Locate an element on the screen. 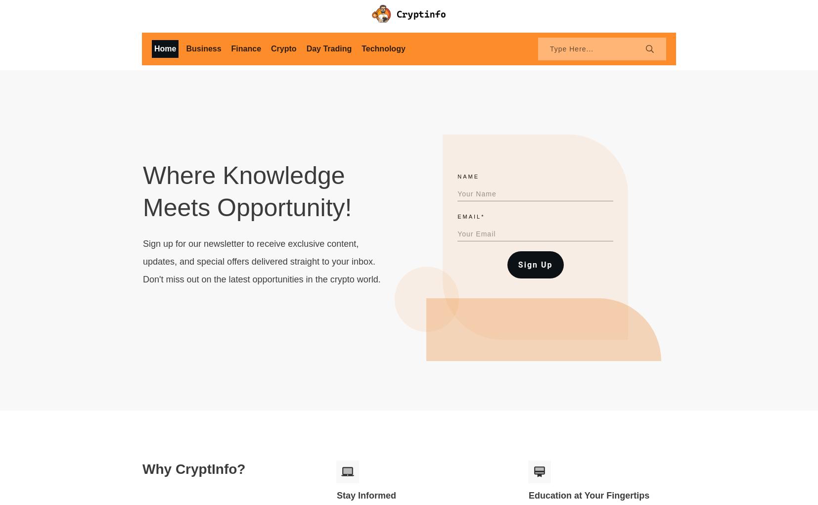 This screenshot has width=818, height=505. 'Why CryptInfo?' is located at coordinates (193, 468).